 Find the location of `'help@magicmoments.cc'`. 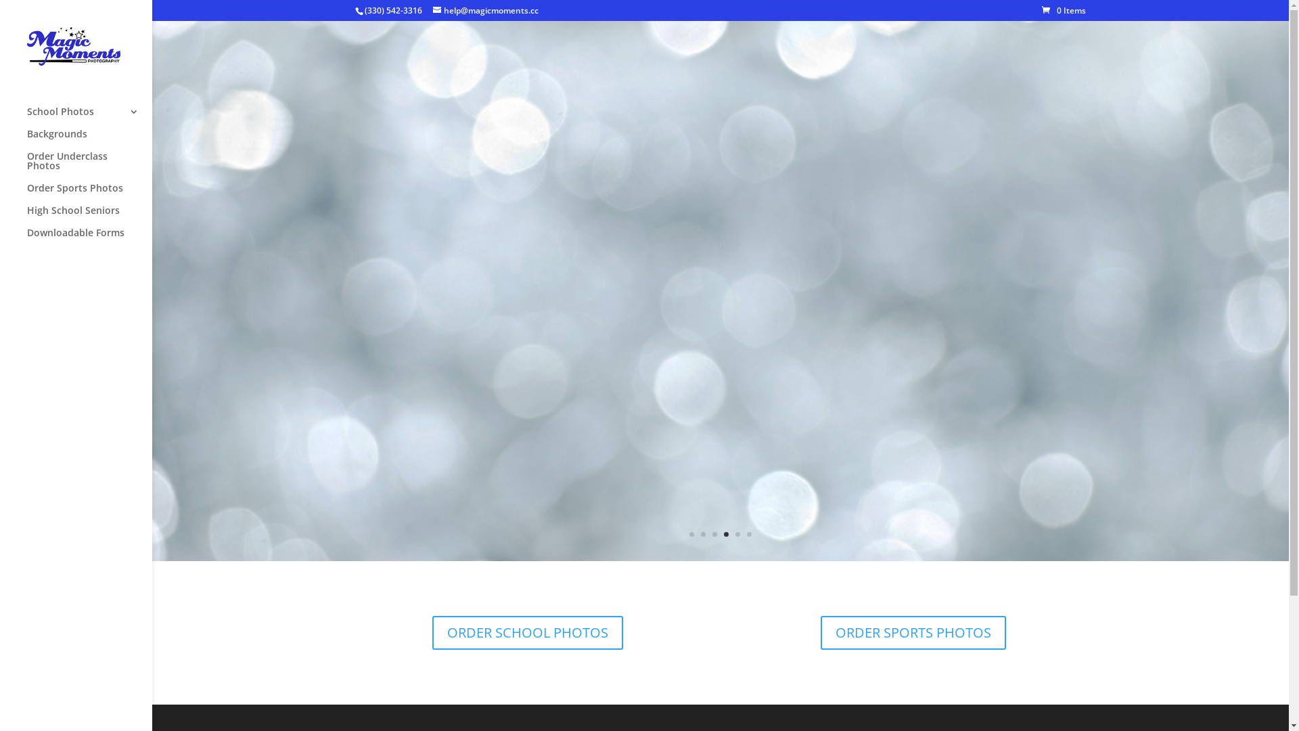

'help@magicmoments.cc' is located at coordinates (432, 10).